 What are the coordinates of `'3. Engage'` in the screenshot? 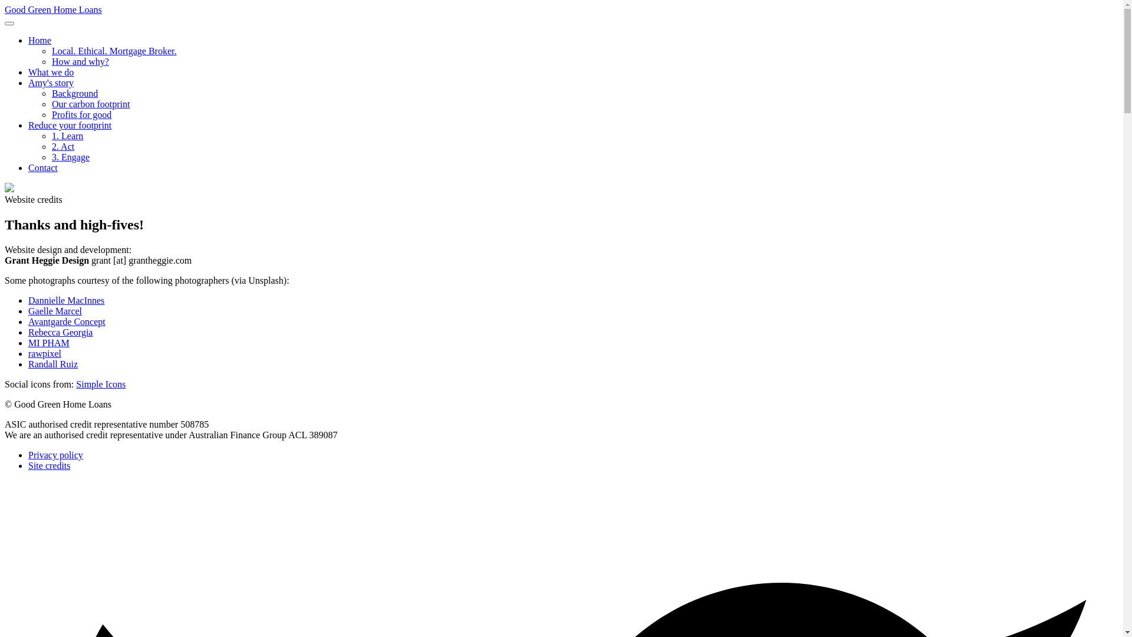 It's located at (70, 156).